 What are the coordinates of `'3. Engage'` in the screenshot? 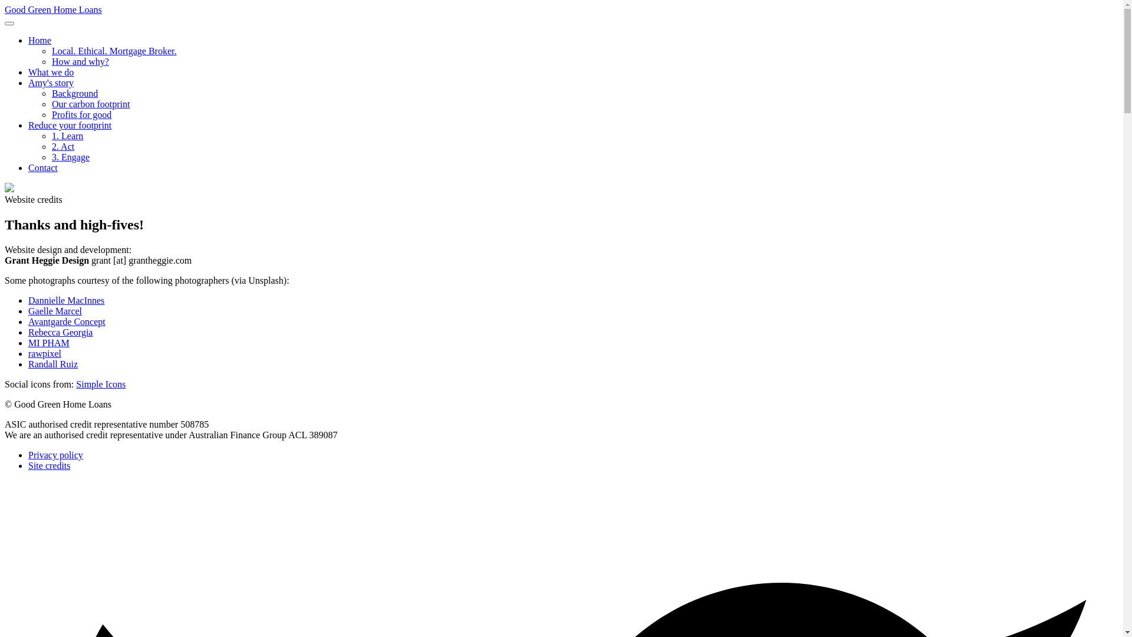 It's located at (70, 156).